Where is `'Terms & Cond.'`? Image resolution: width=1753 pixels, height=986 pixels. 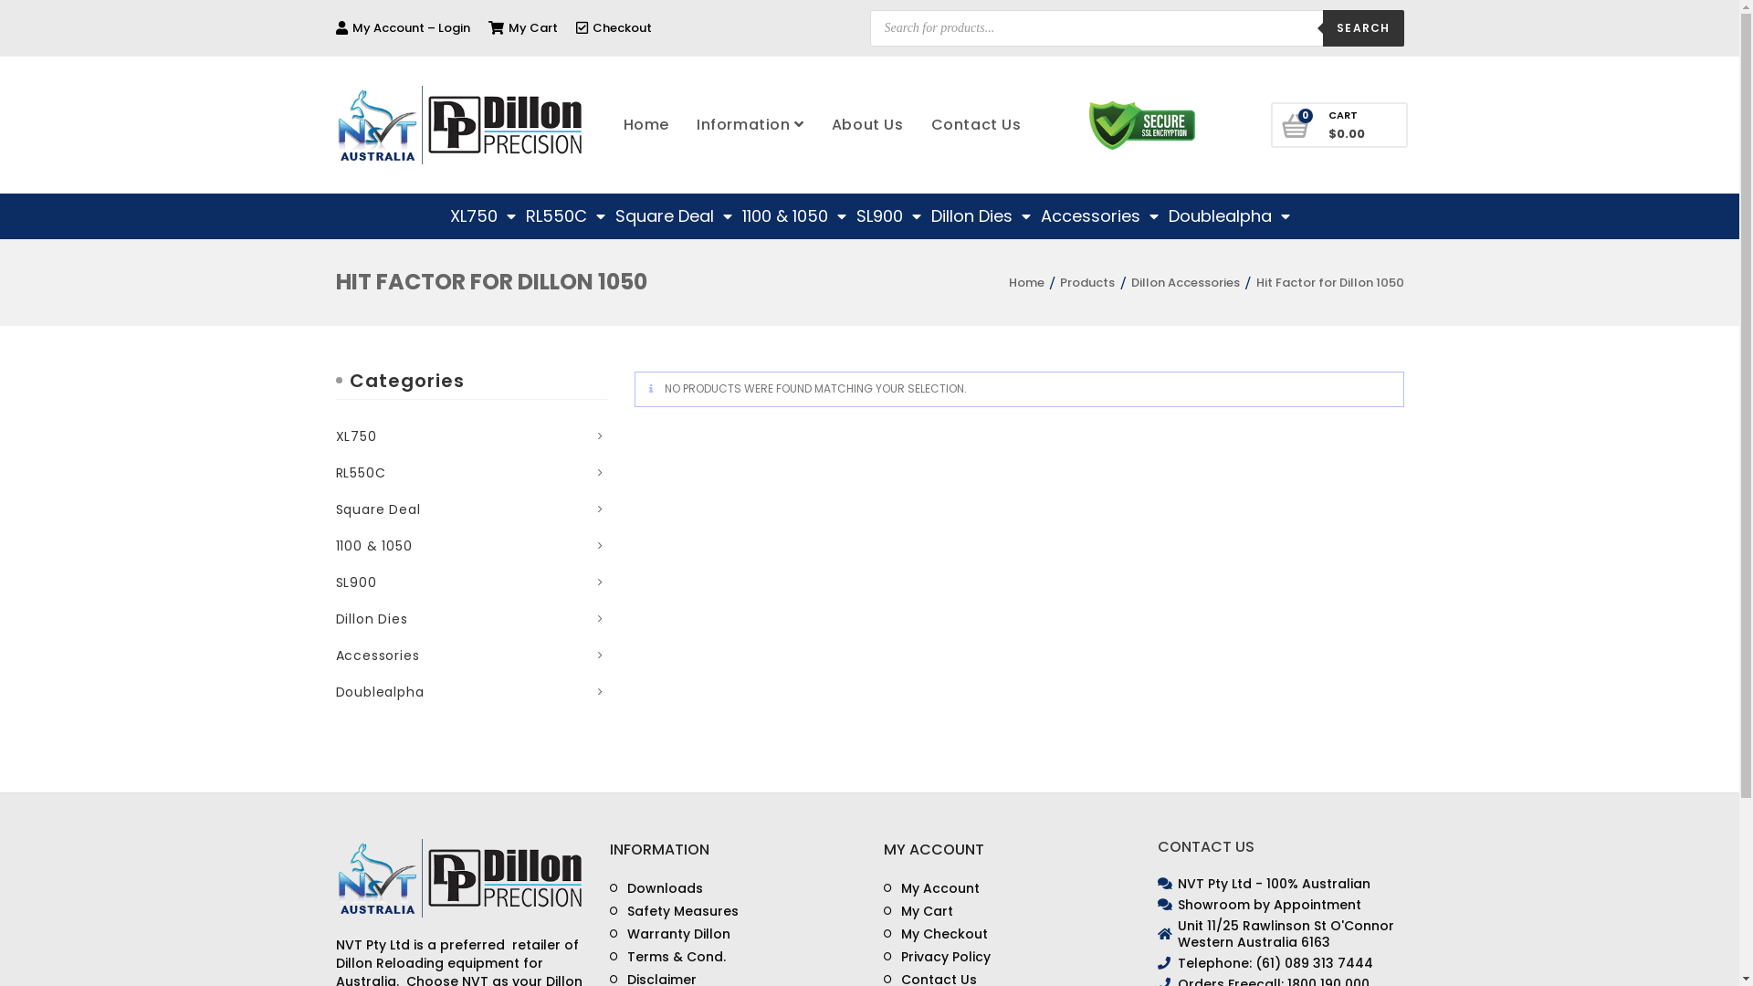 'Terms & Cond.' is located at coordinates (667, 956).